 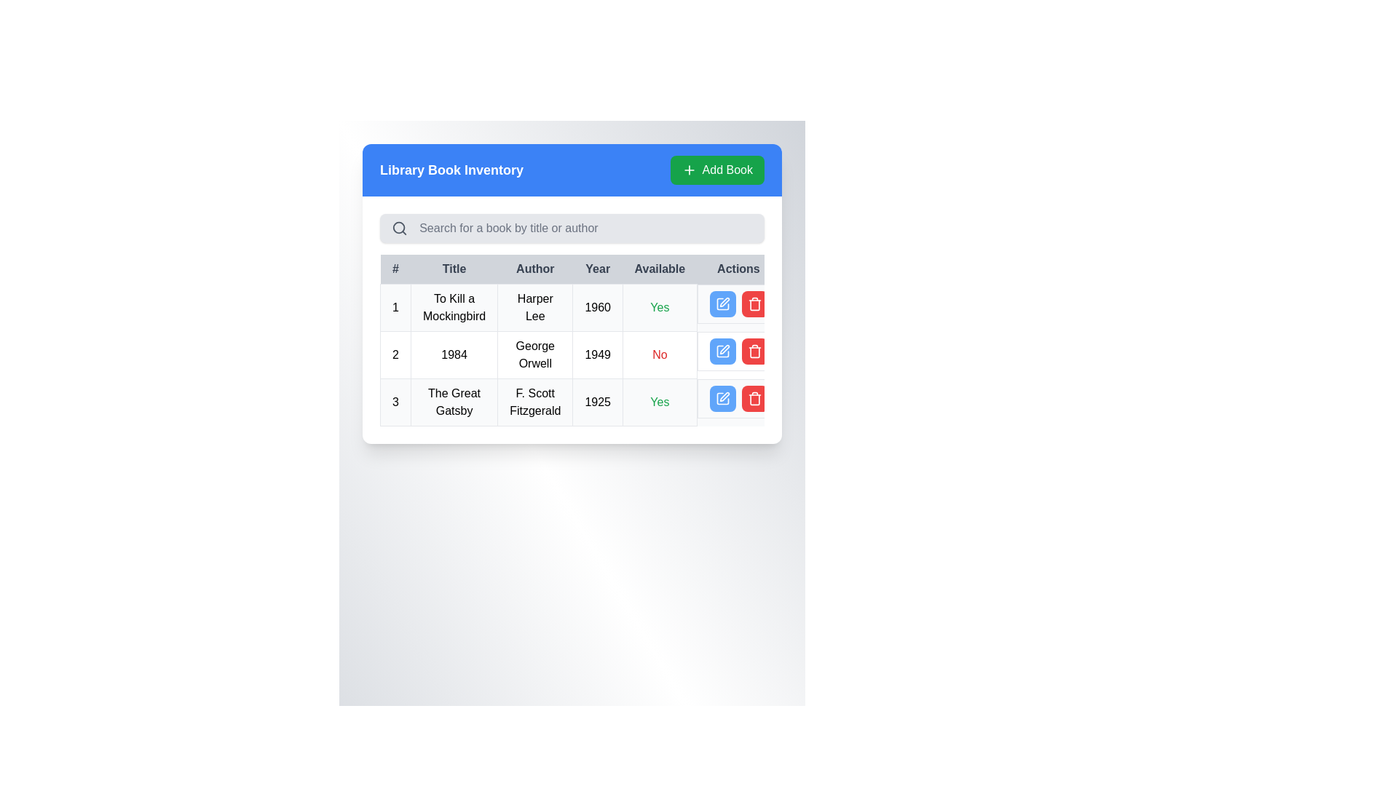 I want to click on the pen icon in the 'Actions' column of the second row in the table to initiate editing for the corresponding row, so click(x=724, y=349).